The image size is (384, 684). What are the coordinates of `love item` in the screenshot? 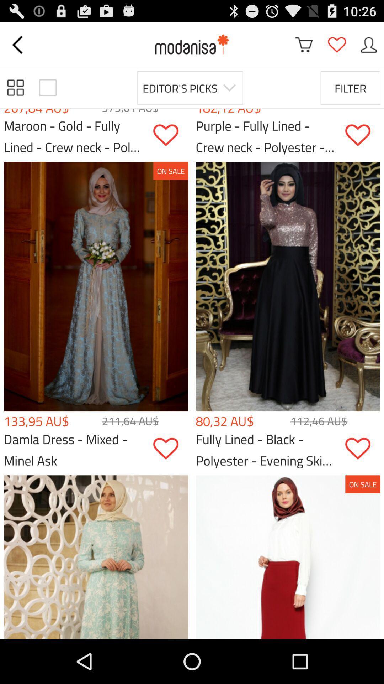 It's located at (362, 448).